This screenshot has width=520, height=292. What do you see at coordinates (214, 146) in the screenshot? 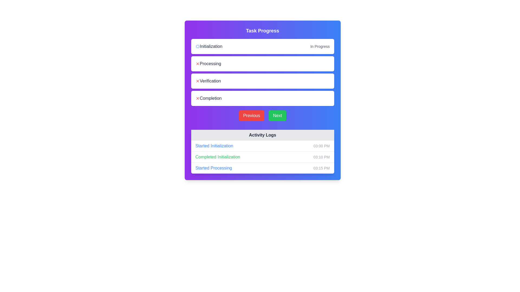
I see `the Text label in the Activity Logs section, which indicates the initiation of a specific process or task and is the first item in the list of logs` at bounding box center [214, 146].